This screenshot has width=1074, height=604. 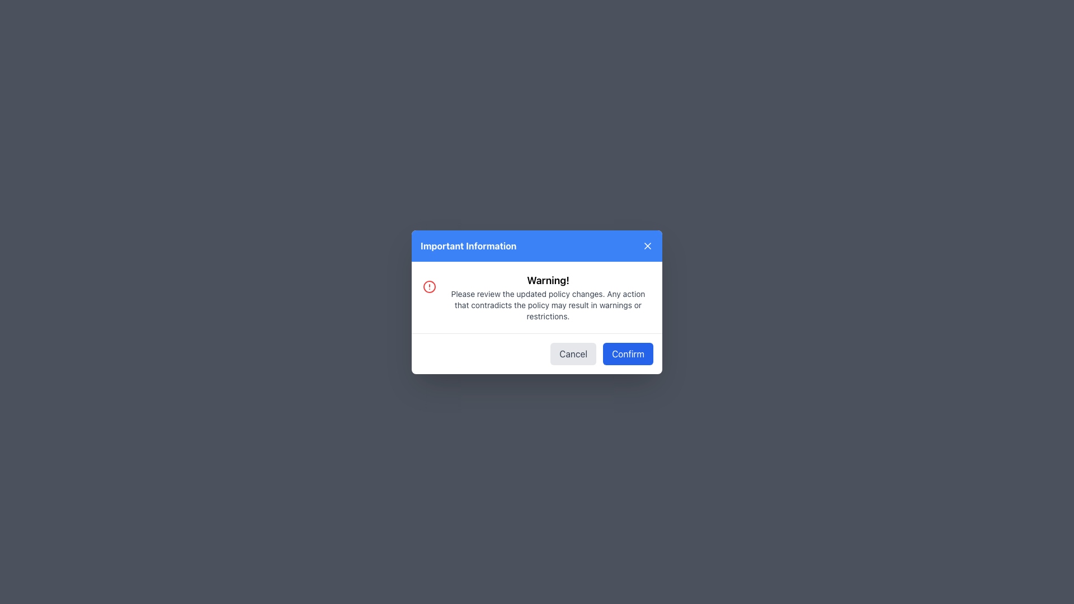 What do you see at coordinates (429, 286) in the screenshot?
I see `the visual alert icon located on the left side of the 'Important Information' modal, vertically aligned with the header text 'Warning!'` at bounding box center [429, 286].